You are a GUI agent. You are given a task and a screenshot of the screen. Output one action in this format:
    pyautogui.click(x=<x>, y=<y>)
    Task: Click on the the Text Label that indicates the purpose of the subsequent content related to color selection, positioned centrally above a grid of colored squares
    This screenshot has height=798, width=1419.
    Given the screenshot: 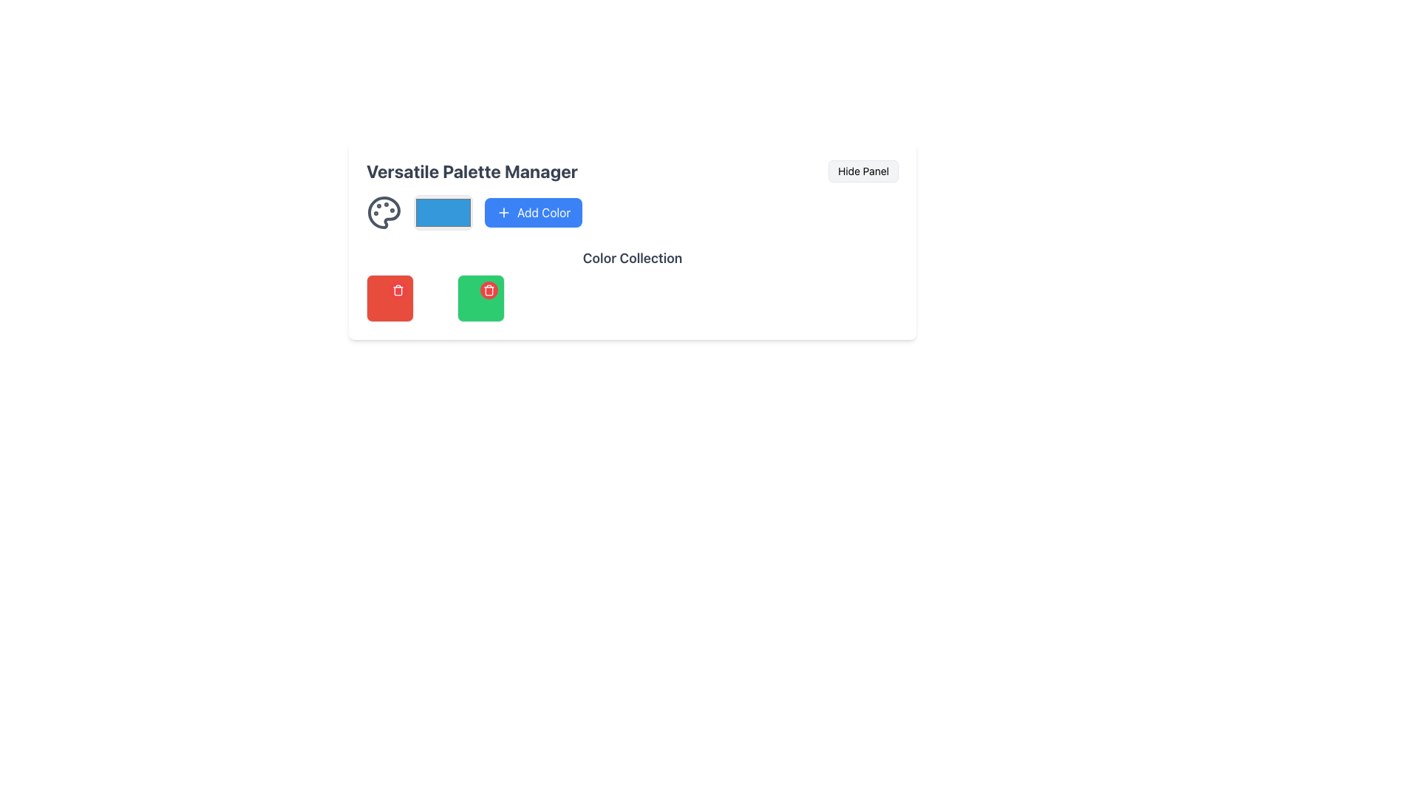 What is the action you would take?
    pyautogui.click(x=632, y=258)
    